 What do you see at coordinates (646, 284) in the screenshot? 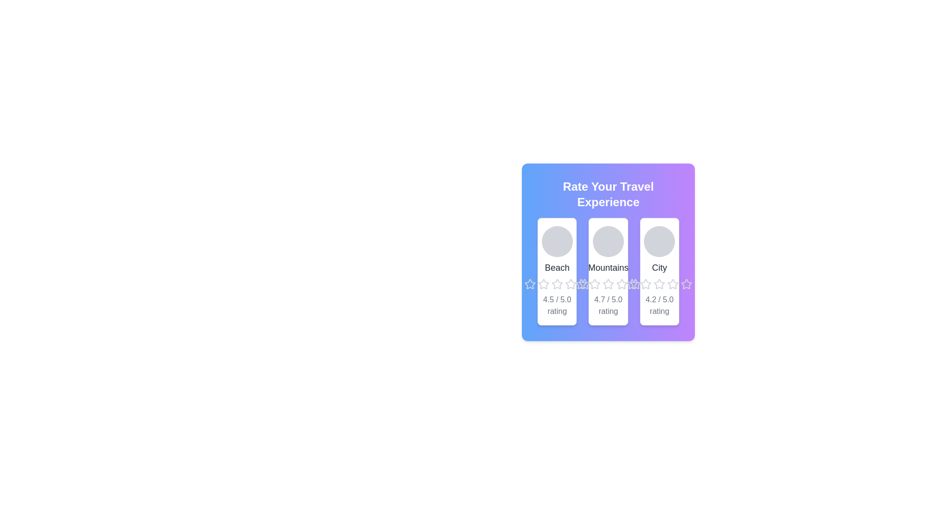
I see `the second star icon in the star rating component under the 'City' section` at bounding box center [646, 284].